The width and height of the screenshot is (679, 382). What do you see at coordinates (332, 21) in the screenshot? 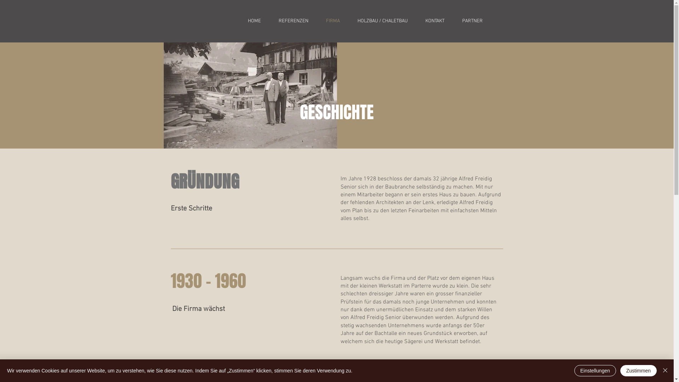
I see `'FIRMA'` at bounding box center [332, 21].